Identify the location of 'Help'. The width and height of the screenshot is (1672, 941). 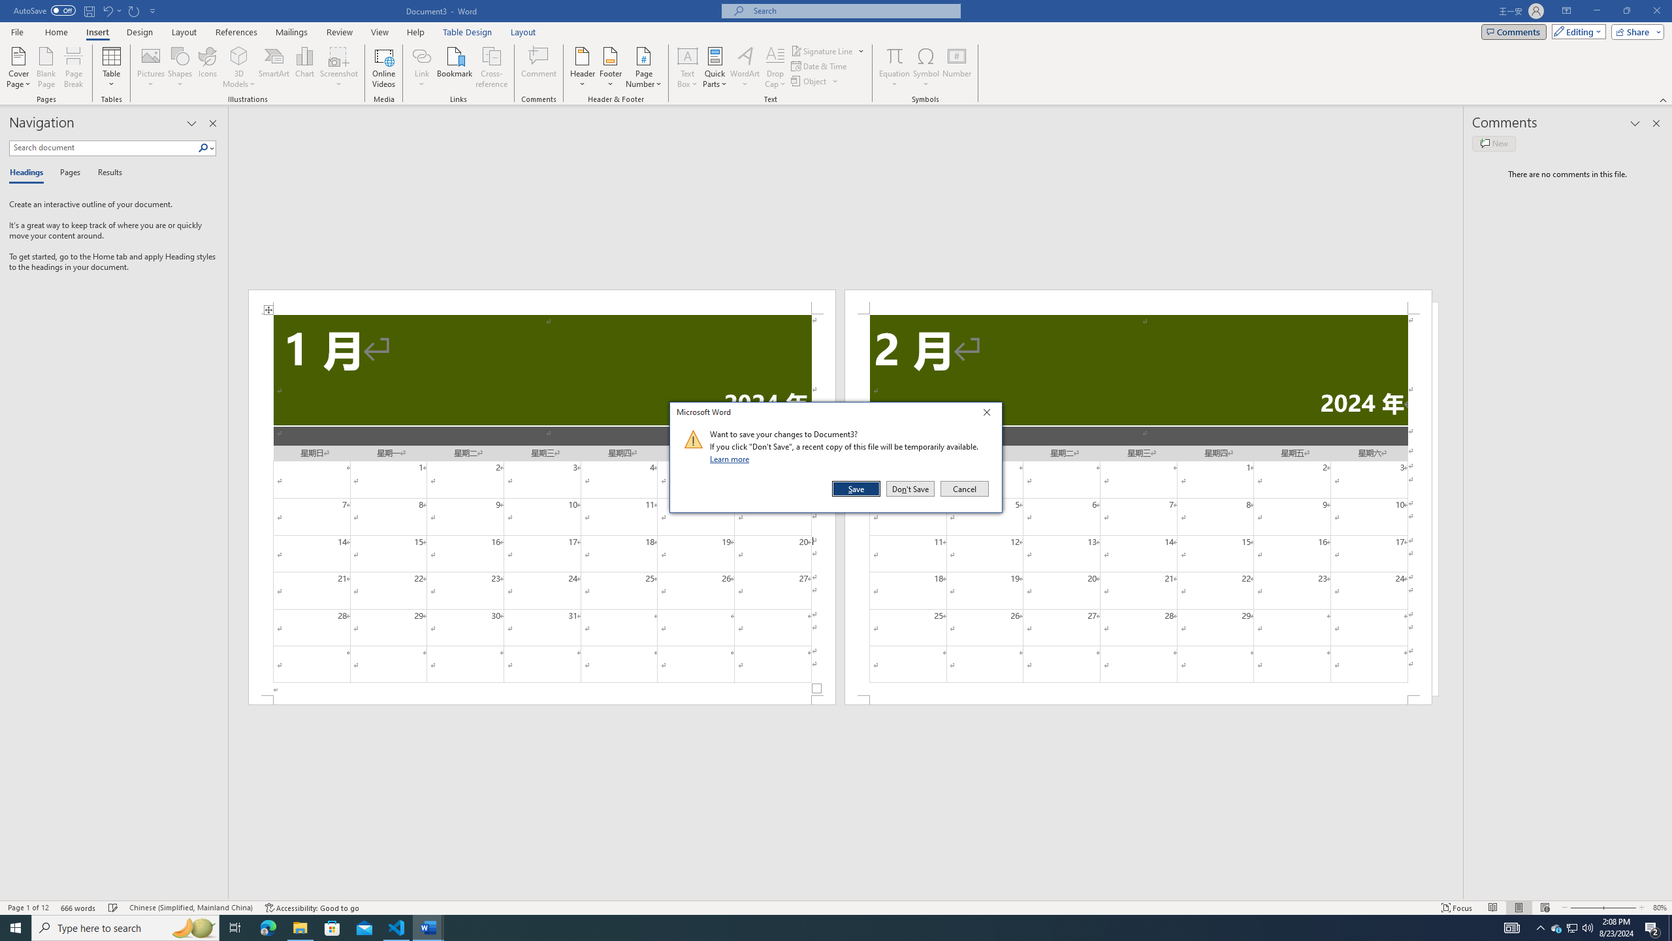
(415, 32).